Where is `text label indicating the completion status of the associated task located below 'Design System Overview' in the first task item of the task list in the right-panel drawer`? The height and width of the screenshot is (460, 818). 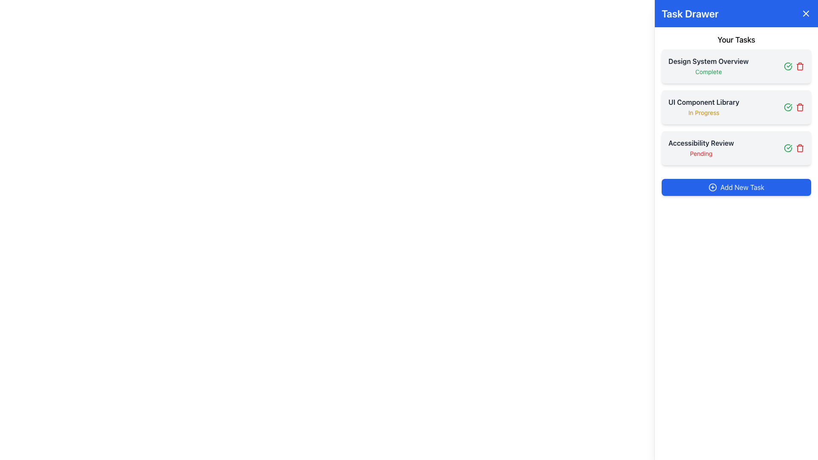 text label indicating the completion status of the associated task located below 'Design System Overview' in the first task item of the task list in the right-panel drawer is located at coordinates (709, 71).